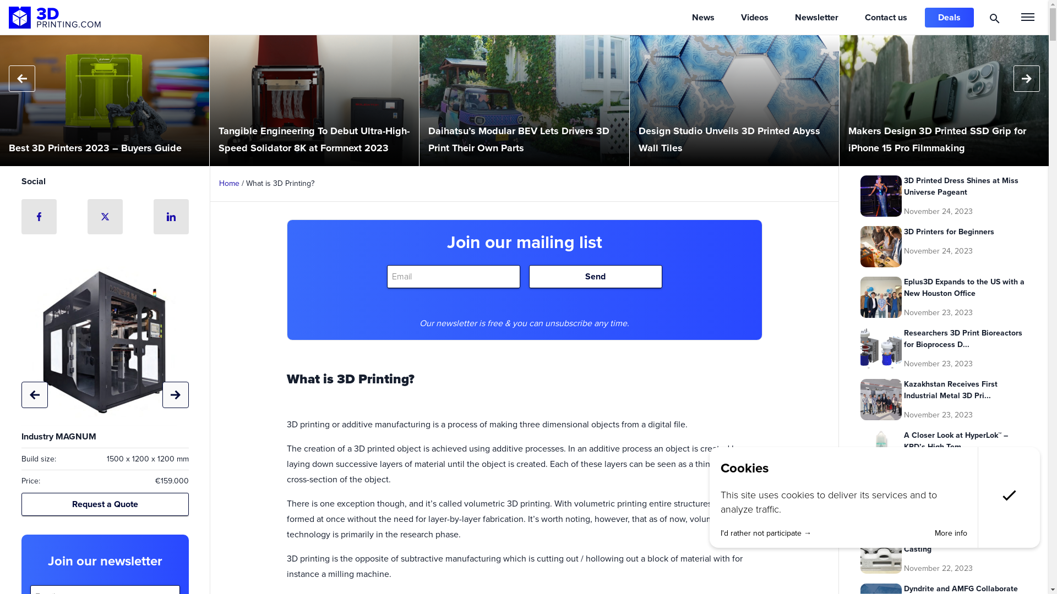  What do you see at coordinates (678, 17) in the screenshot?
I see `'News'` at bounding box center [678, 17].